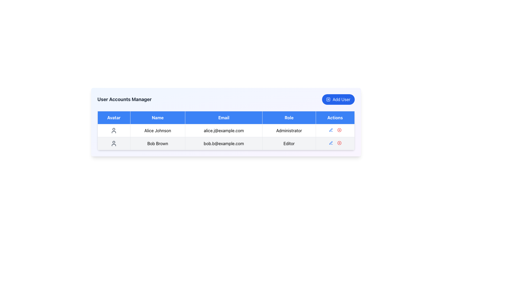 Image resolution: width=506 pixels, height=285 pixels. I want to click on the fifth and rightmost column header in the grid layout of the table, located at the top-right corner of the header row, so click(335, 117).